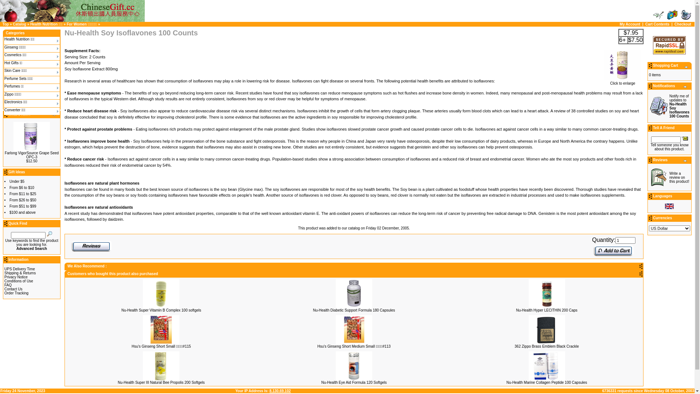 The width and height of the screenshot is (700, 394). What do you see at coordinates (669, 177) in the screenshot?
I see `'Write a review on this product!'` at bounding box center [669, 177].